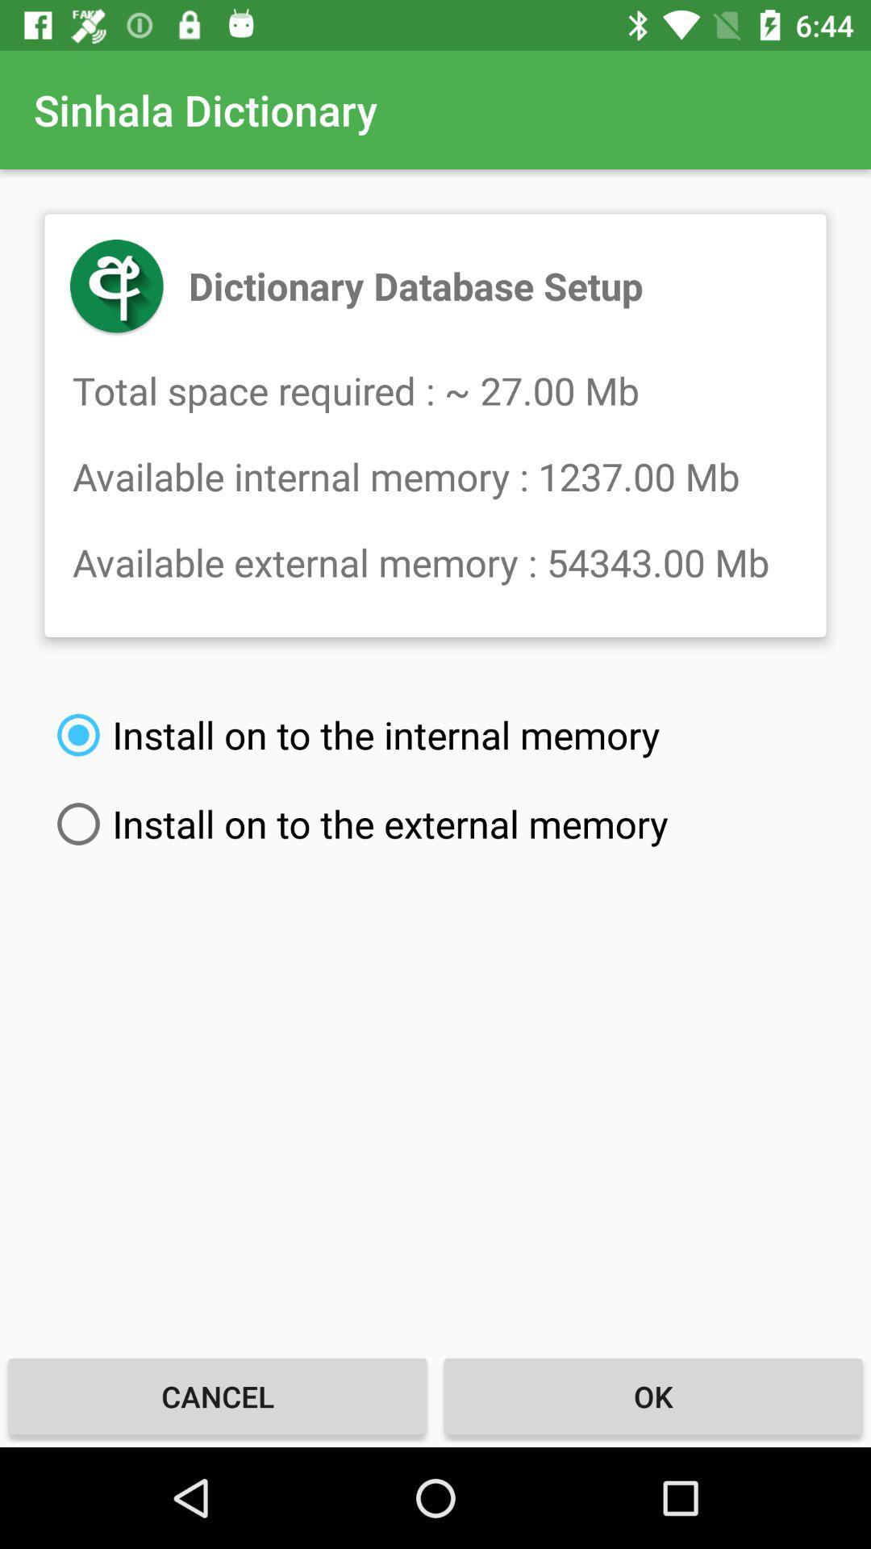 The image size is (871, 1549). What do you see at coordinates (218, 1396) in the screenshot?
I see `the item next to the ok item` at bounding box center [218, 1396].